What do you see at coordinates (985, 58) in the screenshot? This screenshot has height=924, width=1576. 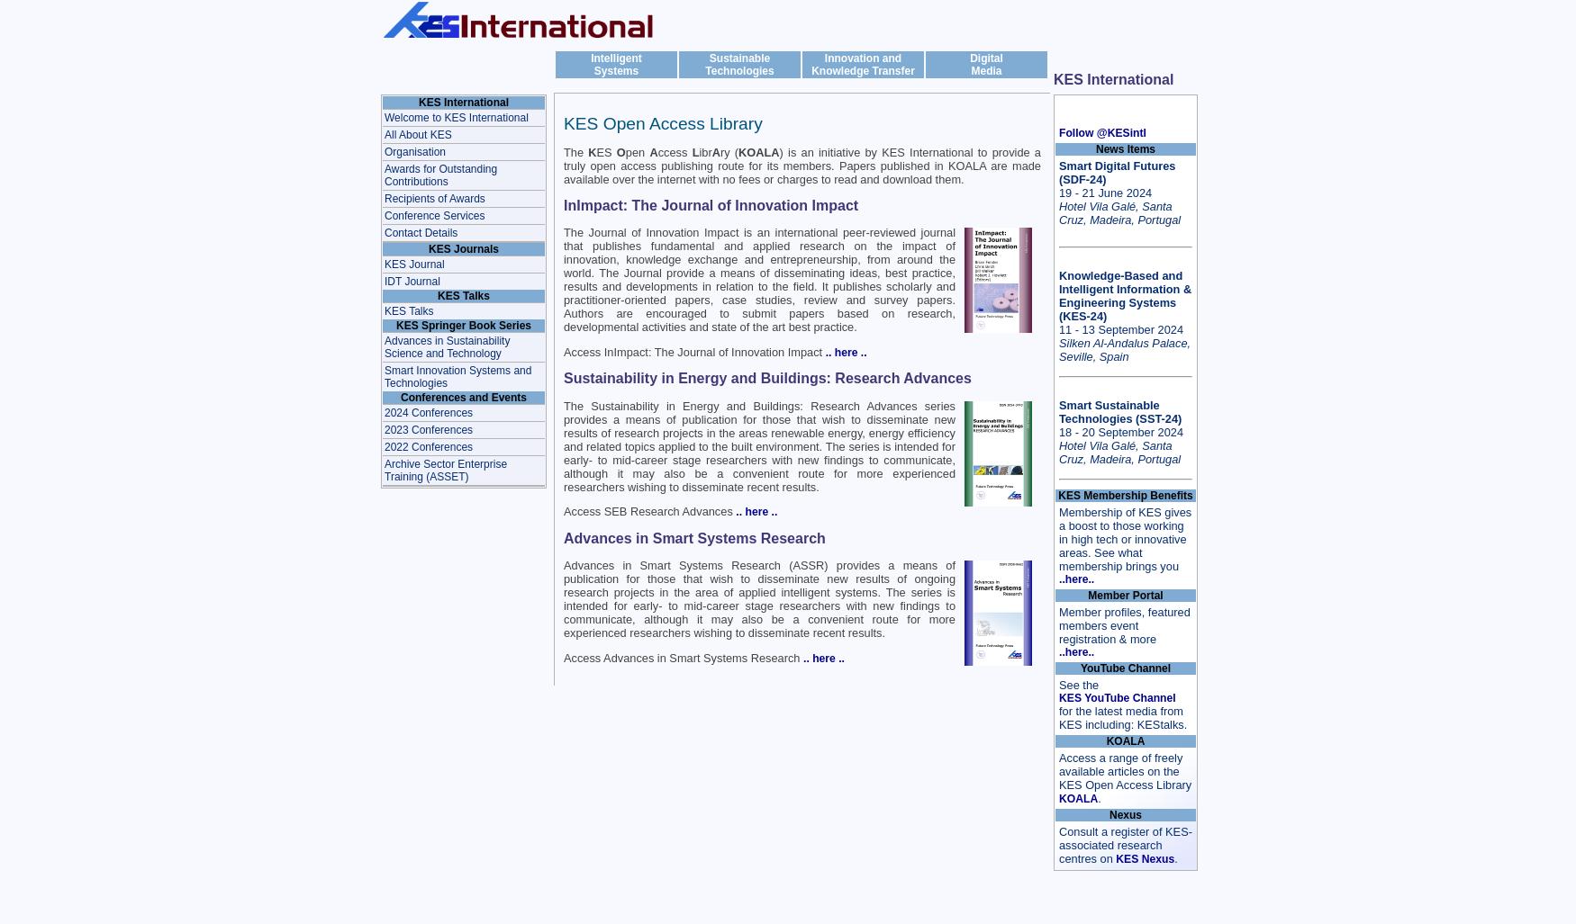 I see `'Digital'` at bounding box center [985, 58].